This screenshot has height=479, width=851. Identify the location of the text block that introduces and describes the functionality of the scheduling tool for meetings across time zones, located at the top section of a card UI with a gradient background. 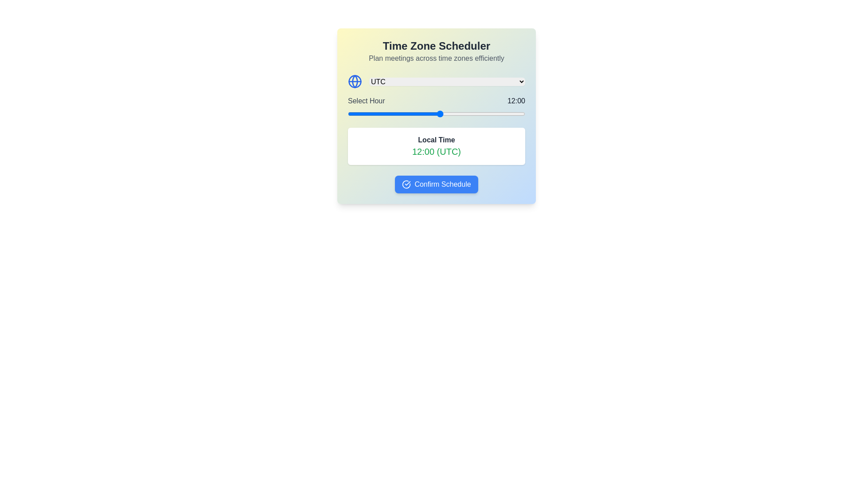
(436, 51).